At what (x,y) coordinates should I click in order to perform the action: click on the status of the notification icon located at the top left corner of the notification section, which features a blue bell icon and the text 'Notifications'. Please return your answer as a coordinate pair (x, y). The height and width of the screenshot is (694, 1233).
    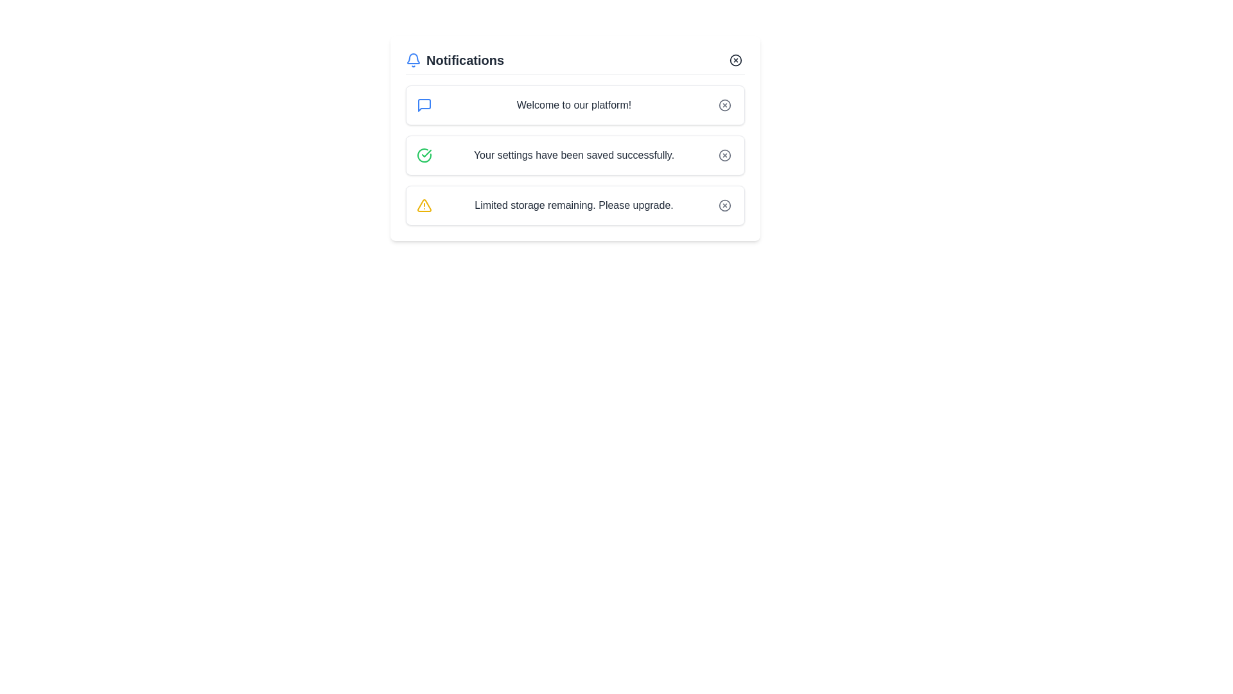
    Looking at the image, I should click on (413, 60).